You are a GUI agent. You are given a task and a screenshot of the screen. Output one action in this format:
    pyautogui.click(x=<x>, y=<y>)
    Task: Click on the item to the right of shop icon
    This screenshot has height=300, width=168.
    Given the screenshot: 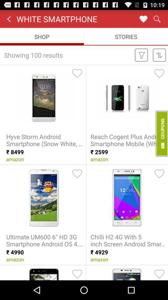 What is the action you would take?
    pyautogui.click(x=126, y=37)
    